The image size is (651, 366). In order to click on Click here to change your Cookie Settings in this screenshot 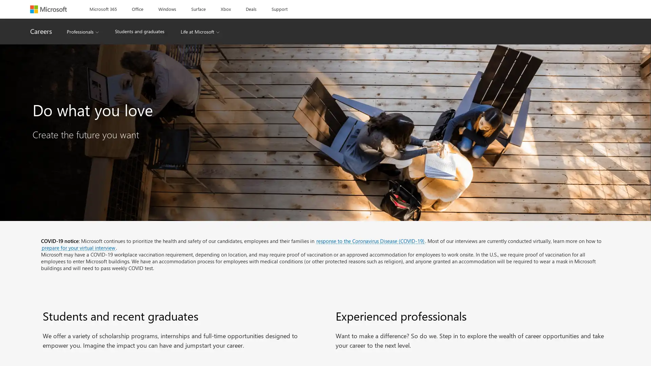, I will do `click(594, 15)`.